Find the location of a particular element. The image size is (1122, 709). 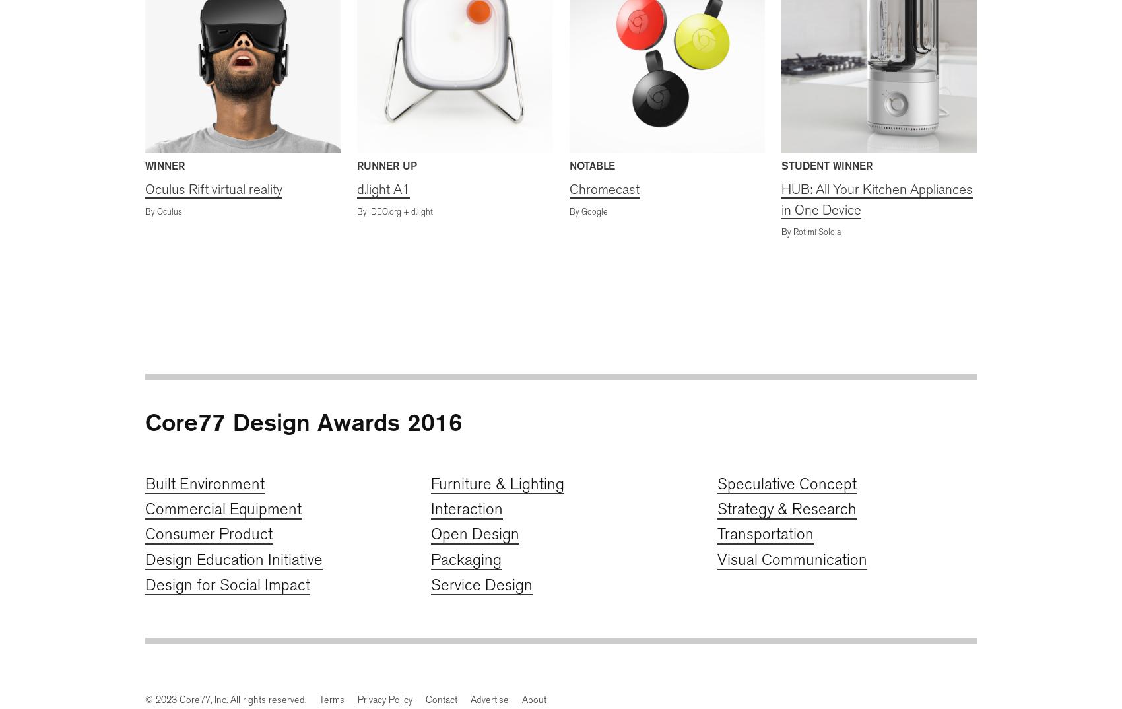

'Core77 Design Awards 2016' is located at coordinates (304, 421).